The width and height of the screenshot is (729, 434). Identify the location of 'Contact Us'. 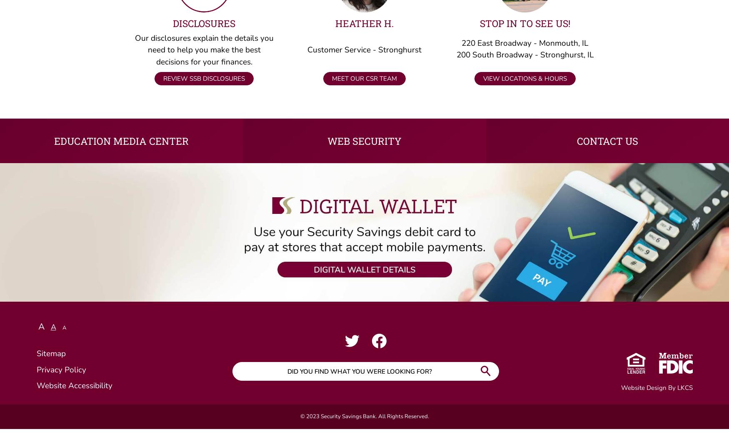
(607, 145).